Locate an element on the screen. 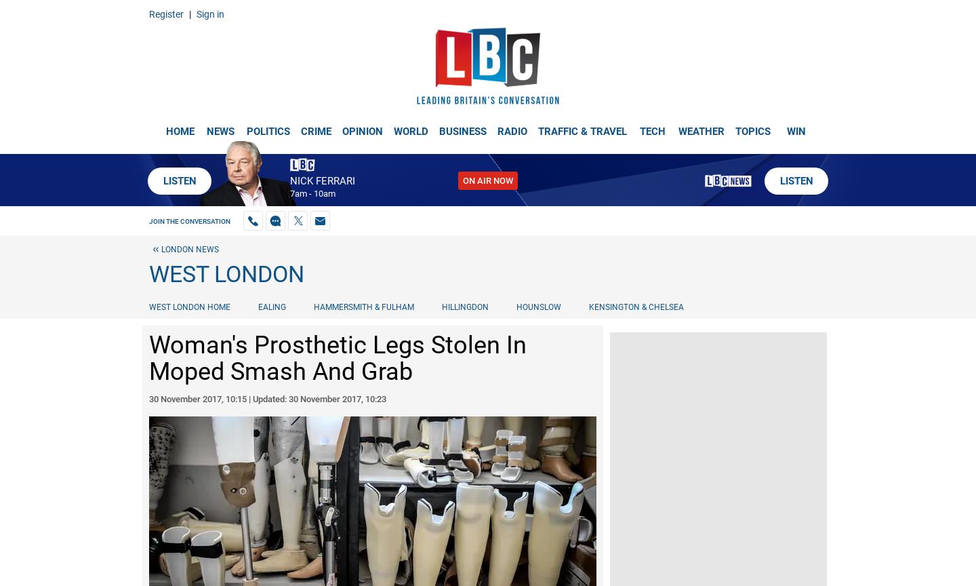 The image size is (976, 586). 'On Air Now' is located at coordinates (488, 180).